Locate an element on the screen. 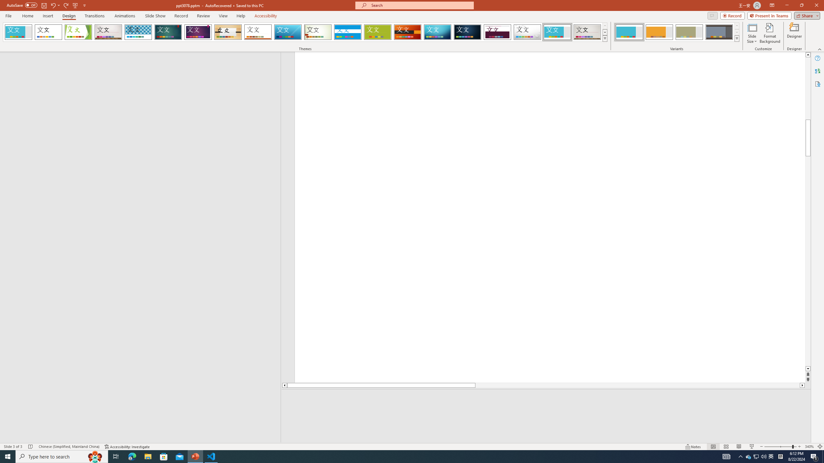 This screenshot has width=824, height=463. 'Frame Variant 4' is located at coordinates (719, 32).